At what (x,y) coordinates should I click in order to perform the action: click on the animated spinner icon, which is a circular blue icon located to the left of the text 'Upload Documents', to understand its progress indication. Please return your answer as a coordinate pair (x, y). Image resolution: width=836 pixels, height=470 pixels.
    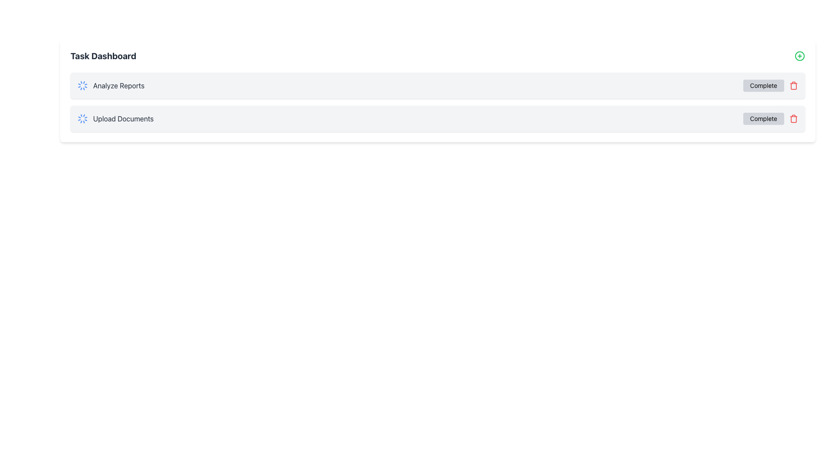
    Looking at the image, I should click on (83, 119).